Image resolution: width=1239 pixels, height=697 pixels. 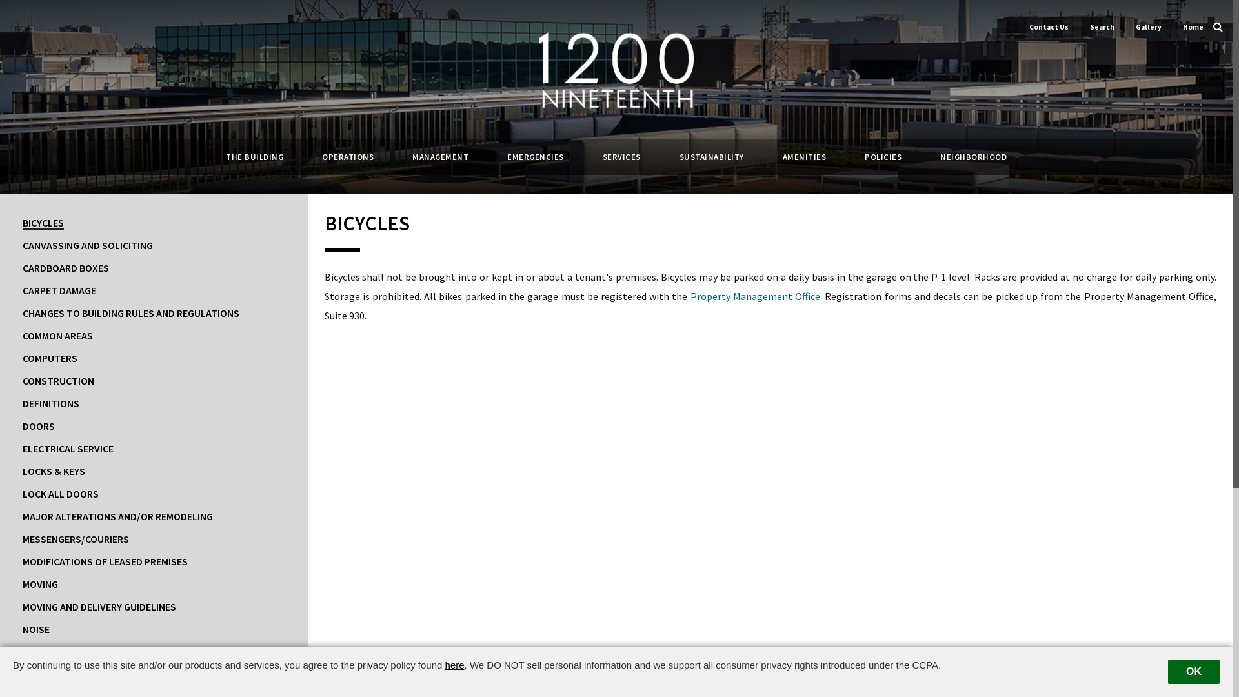 What do you see at coordinates (22, 629) in the screenshot?
I see `'NOISE'` at bounding box center [22, 629].